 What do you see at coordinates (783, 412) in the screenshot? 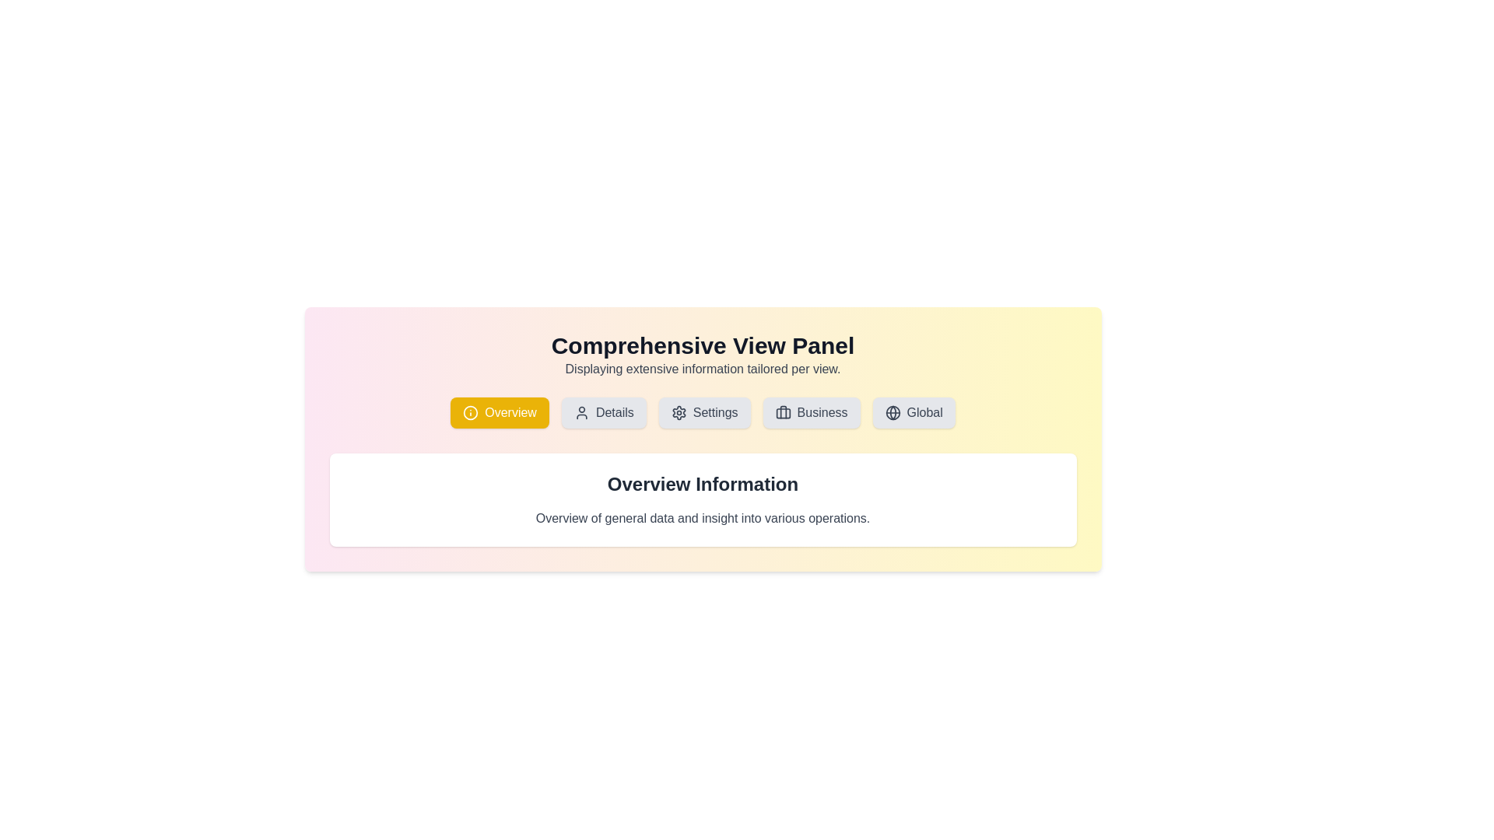
I see `the 'Business' tab icon, which serves as a visual indicator for business-related content, located at the left-hand side of the 'Business' button on the toolbar` at bounding box center [783, 412].